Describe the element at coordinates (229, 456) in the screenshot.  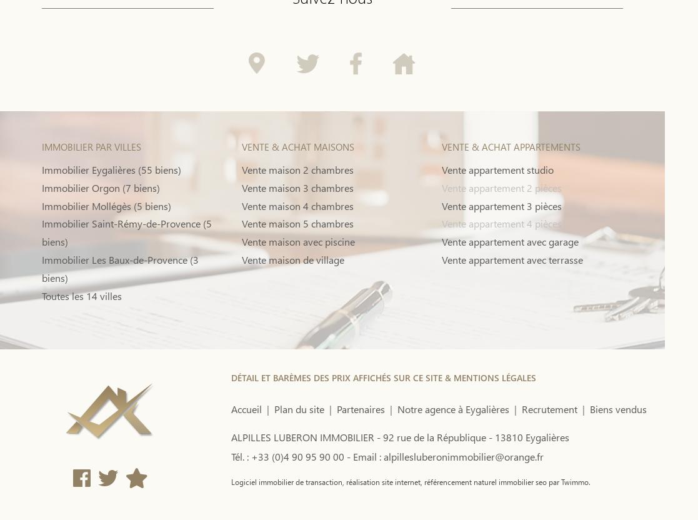
I see `'Tél. : +33 (0)4 90 95 90 00    -'` at that location.